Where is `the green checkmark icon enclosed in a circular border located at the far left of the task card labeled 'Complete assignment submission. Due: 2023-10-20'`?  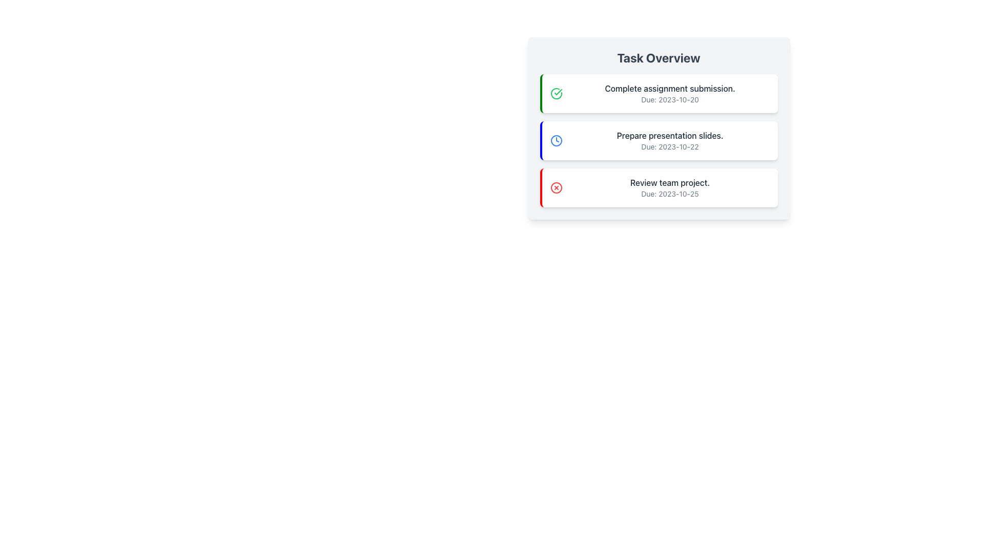
the green checkmark icon enclosed in a circular border located at the far left of the task card labeled 'Complete assignment submission. Due: 2023-10-20' is located at coordinates (556, 93).